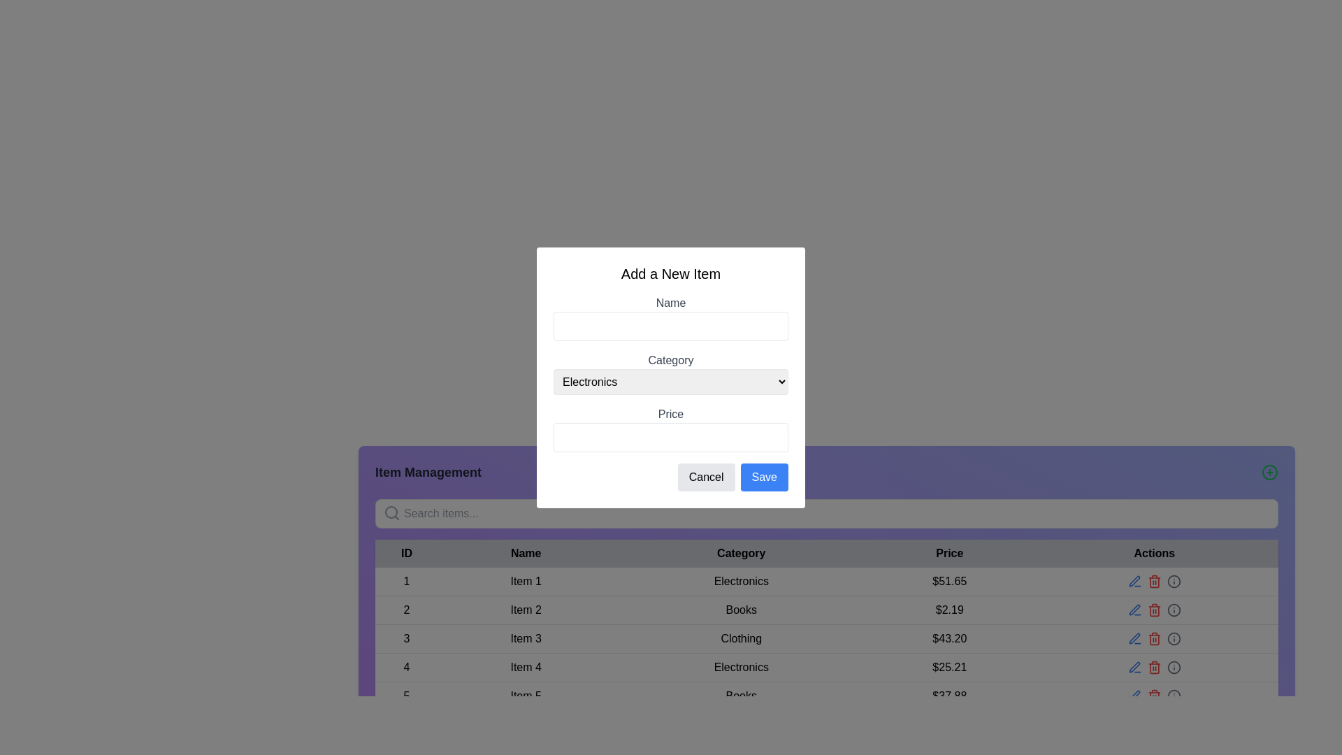  I want to click on the text label element displaying the price of the item in the third row of the table, which shows $43.20, so click(949, 639).